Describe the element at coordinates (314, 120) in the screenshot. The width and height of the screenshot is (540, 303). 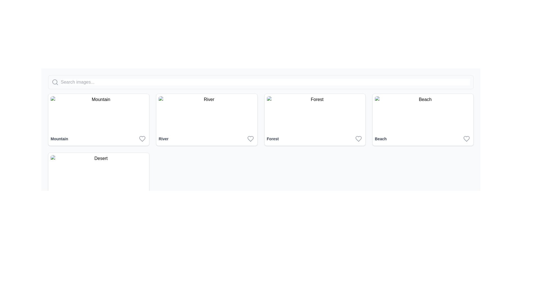
I see `the 'Forest' card, which is the third card in a row of four` at that location.